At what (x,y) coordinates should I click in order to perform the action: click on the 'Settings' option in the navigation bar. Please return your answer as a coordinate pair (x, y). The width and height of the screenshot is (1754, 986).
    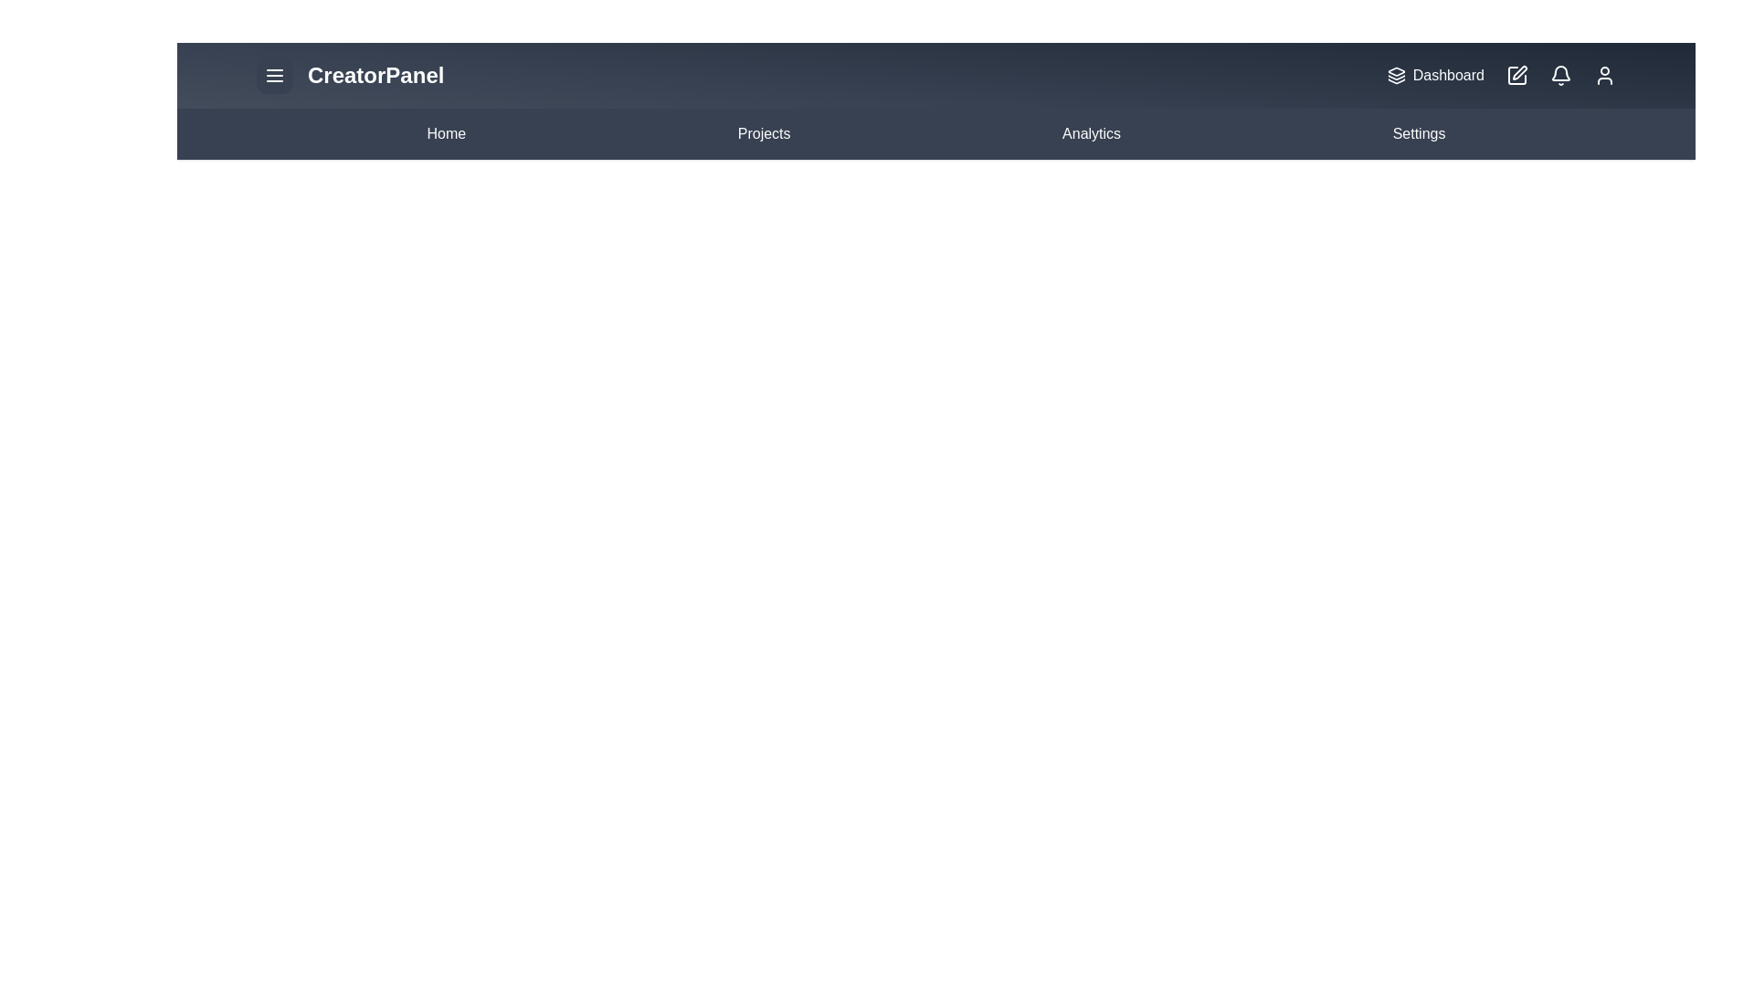
    Looking at the image, I should click on (1418, 132).